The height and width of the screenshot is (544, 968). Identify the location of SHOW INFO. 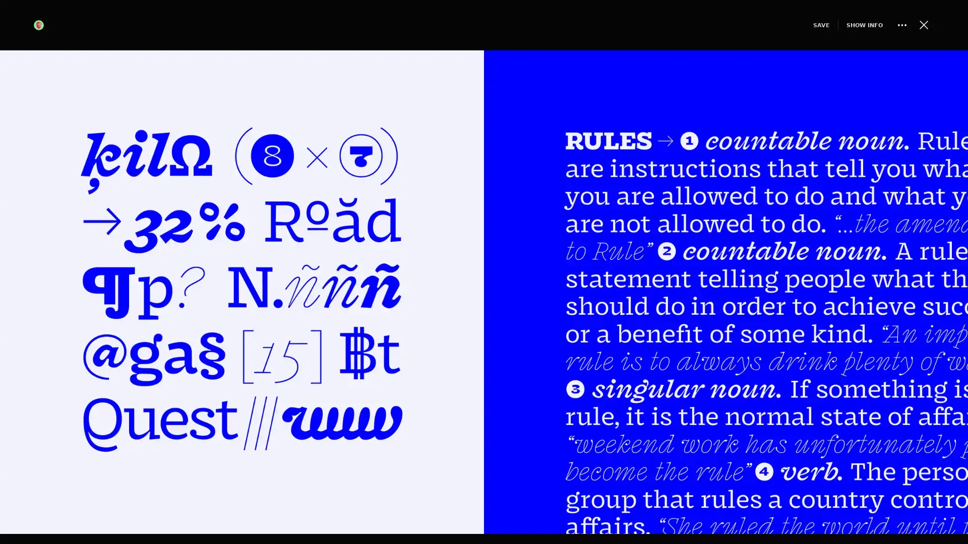
(847, 24).